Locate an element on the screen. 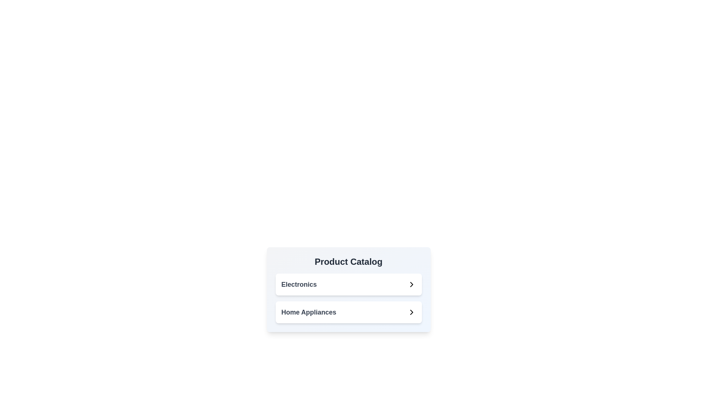 The height and width of the screenshot is (395, 702). the 'Home Appliances' button-like interactive list item, which is the second option in the 'Product Catalog' section is located at coordinates (348, 312).